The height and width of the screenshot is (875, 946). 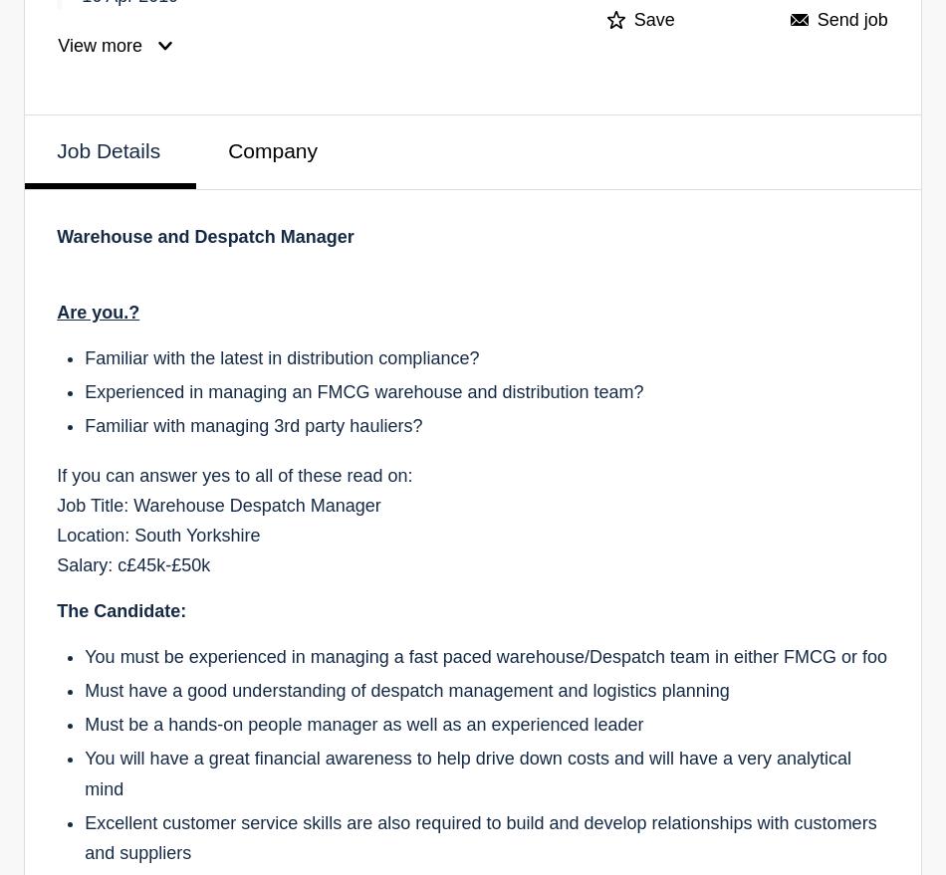 I want to click on 'Save', so click(x=653, y=19).